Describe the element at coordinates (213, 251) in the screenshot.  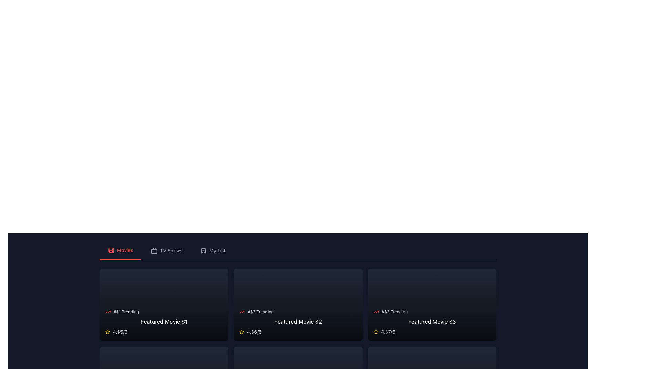
I see `the navigation button that directs users to their personal content list or saved items` at that location.